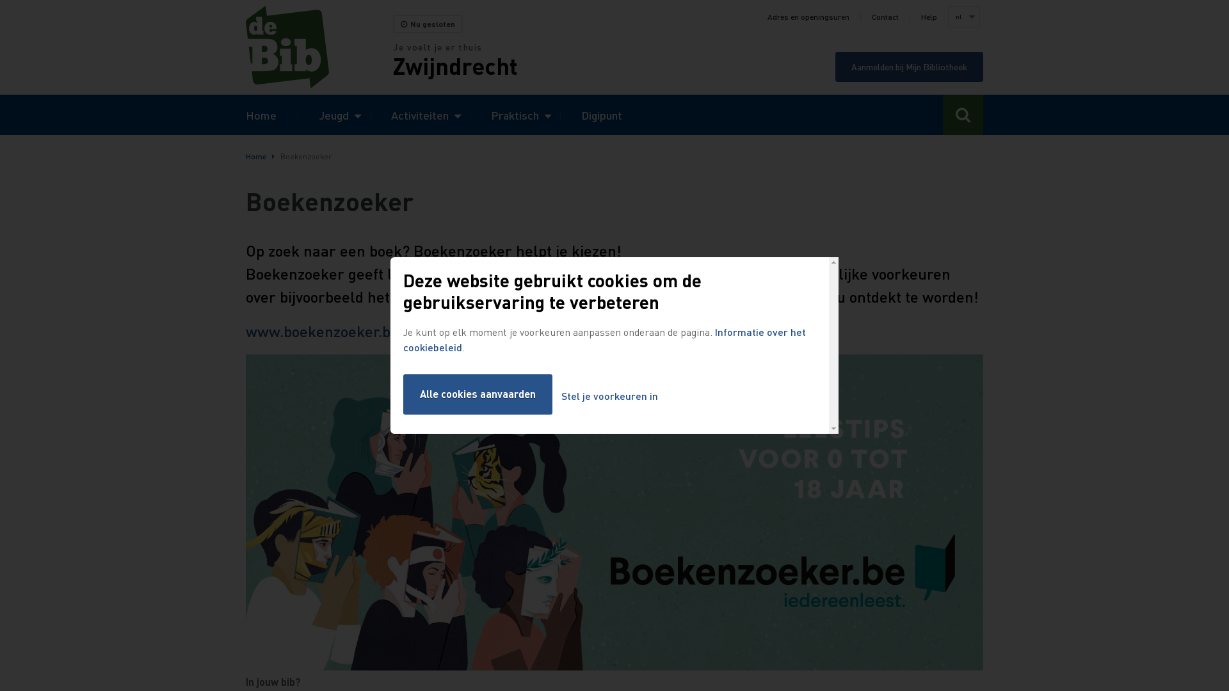 The height and width of the screenshot is (691, 1229). I want to click on 'Digipunt', so click(580, 114).